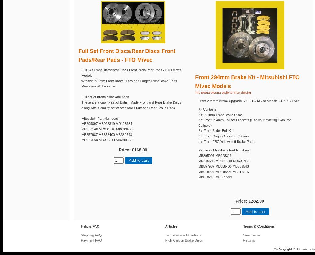  I want to click on 'This product does not qualify for Free Shipping', so click(223, 92).